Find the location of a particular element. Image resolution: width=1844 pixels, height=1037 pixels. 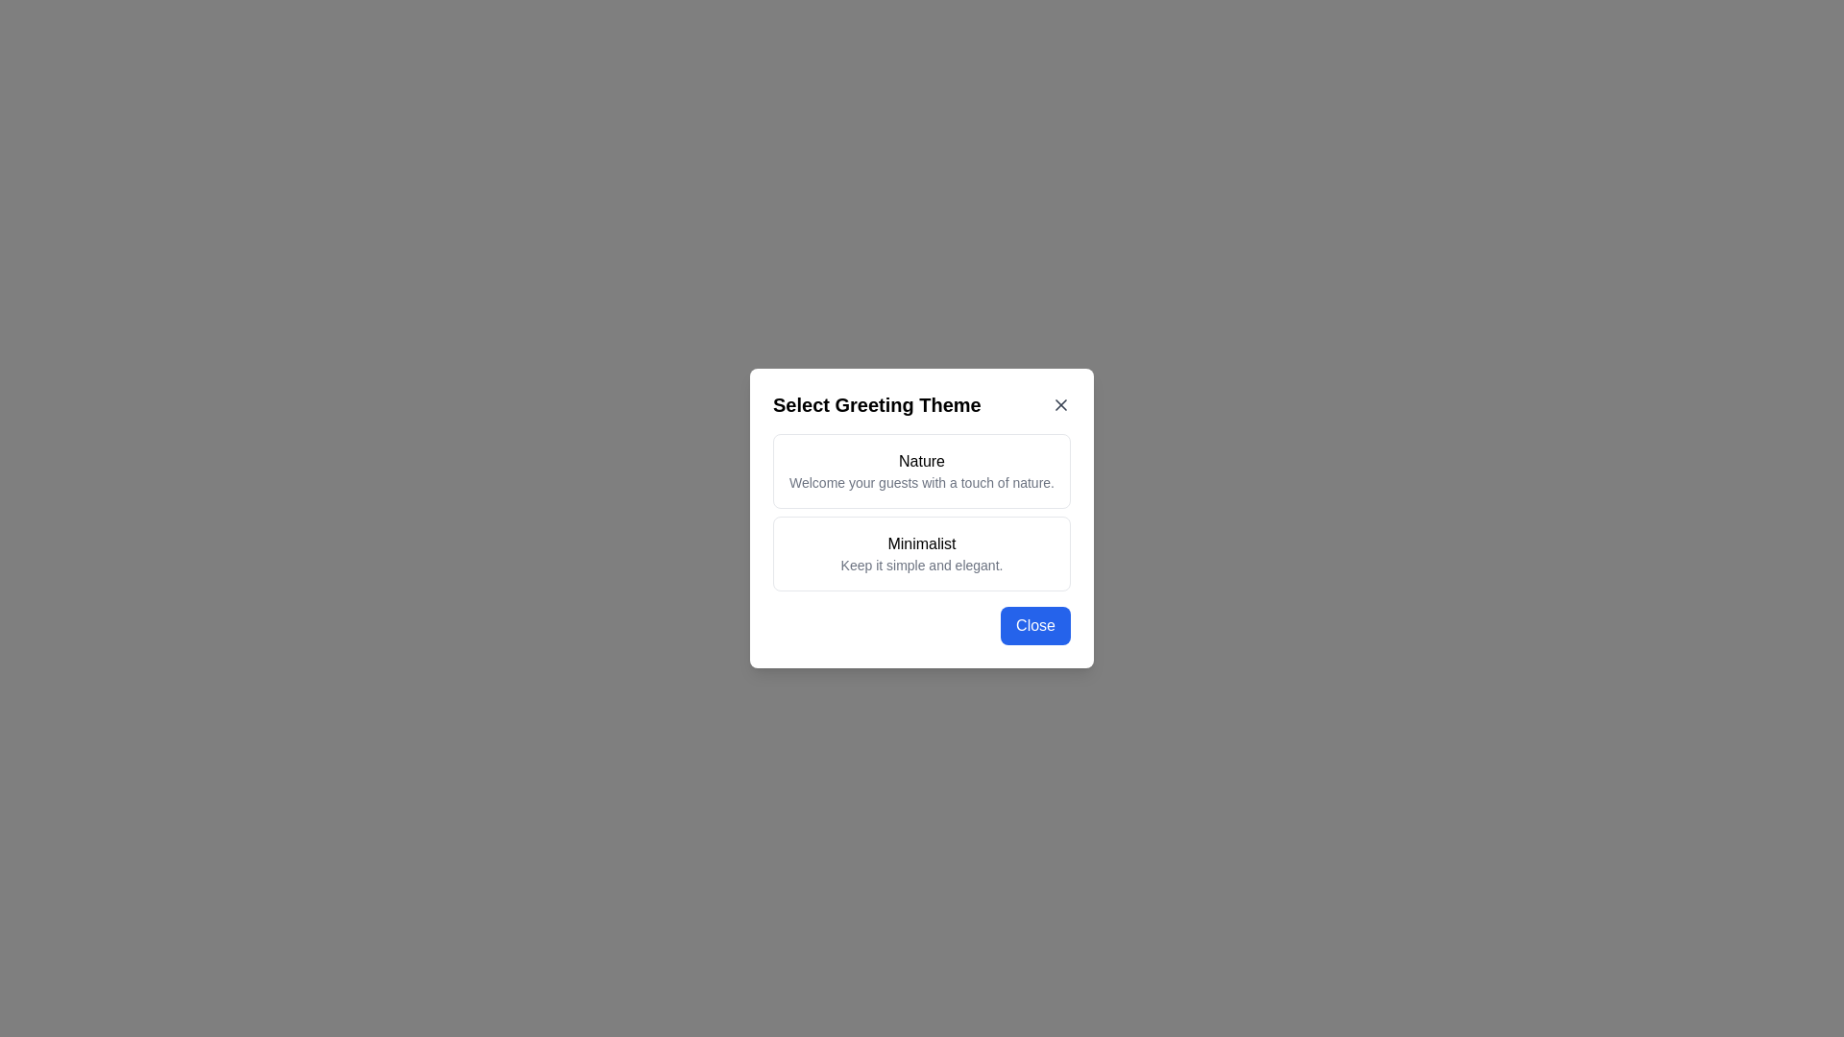

the 'Close' button with a blue background and white text located at the bottom-right corner of the 'Select Greeting Theme' modal is located at coordinates (1034, 625).